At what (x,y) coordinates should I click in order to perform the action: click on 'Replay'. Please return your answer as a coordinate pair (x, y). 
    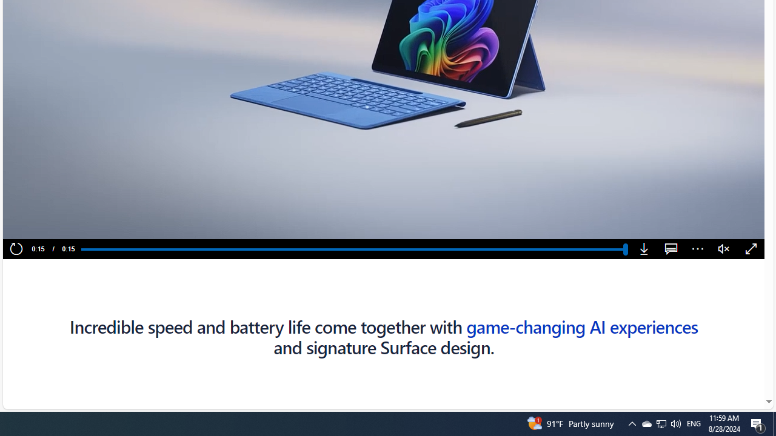
    Looking at the image, I should click on (16, 249).